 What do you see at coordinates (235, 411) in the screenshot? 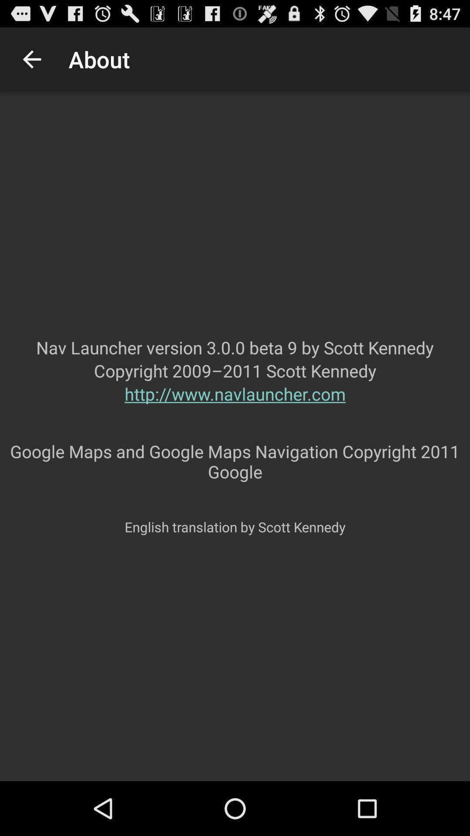
I see `the app above google maps and item` at bounding box center [235, 411].